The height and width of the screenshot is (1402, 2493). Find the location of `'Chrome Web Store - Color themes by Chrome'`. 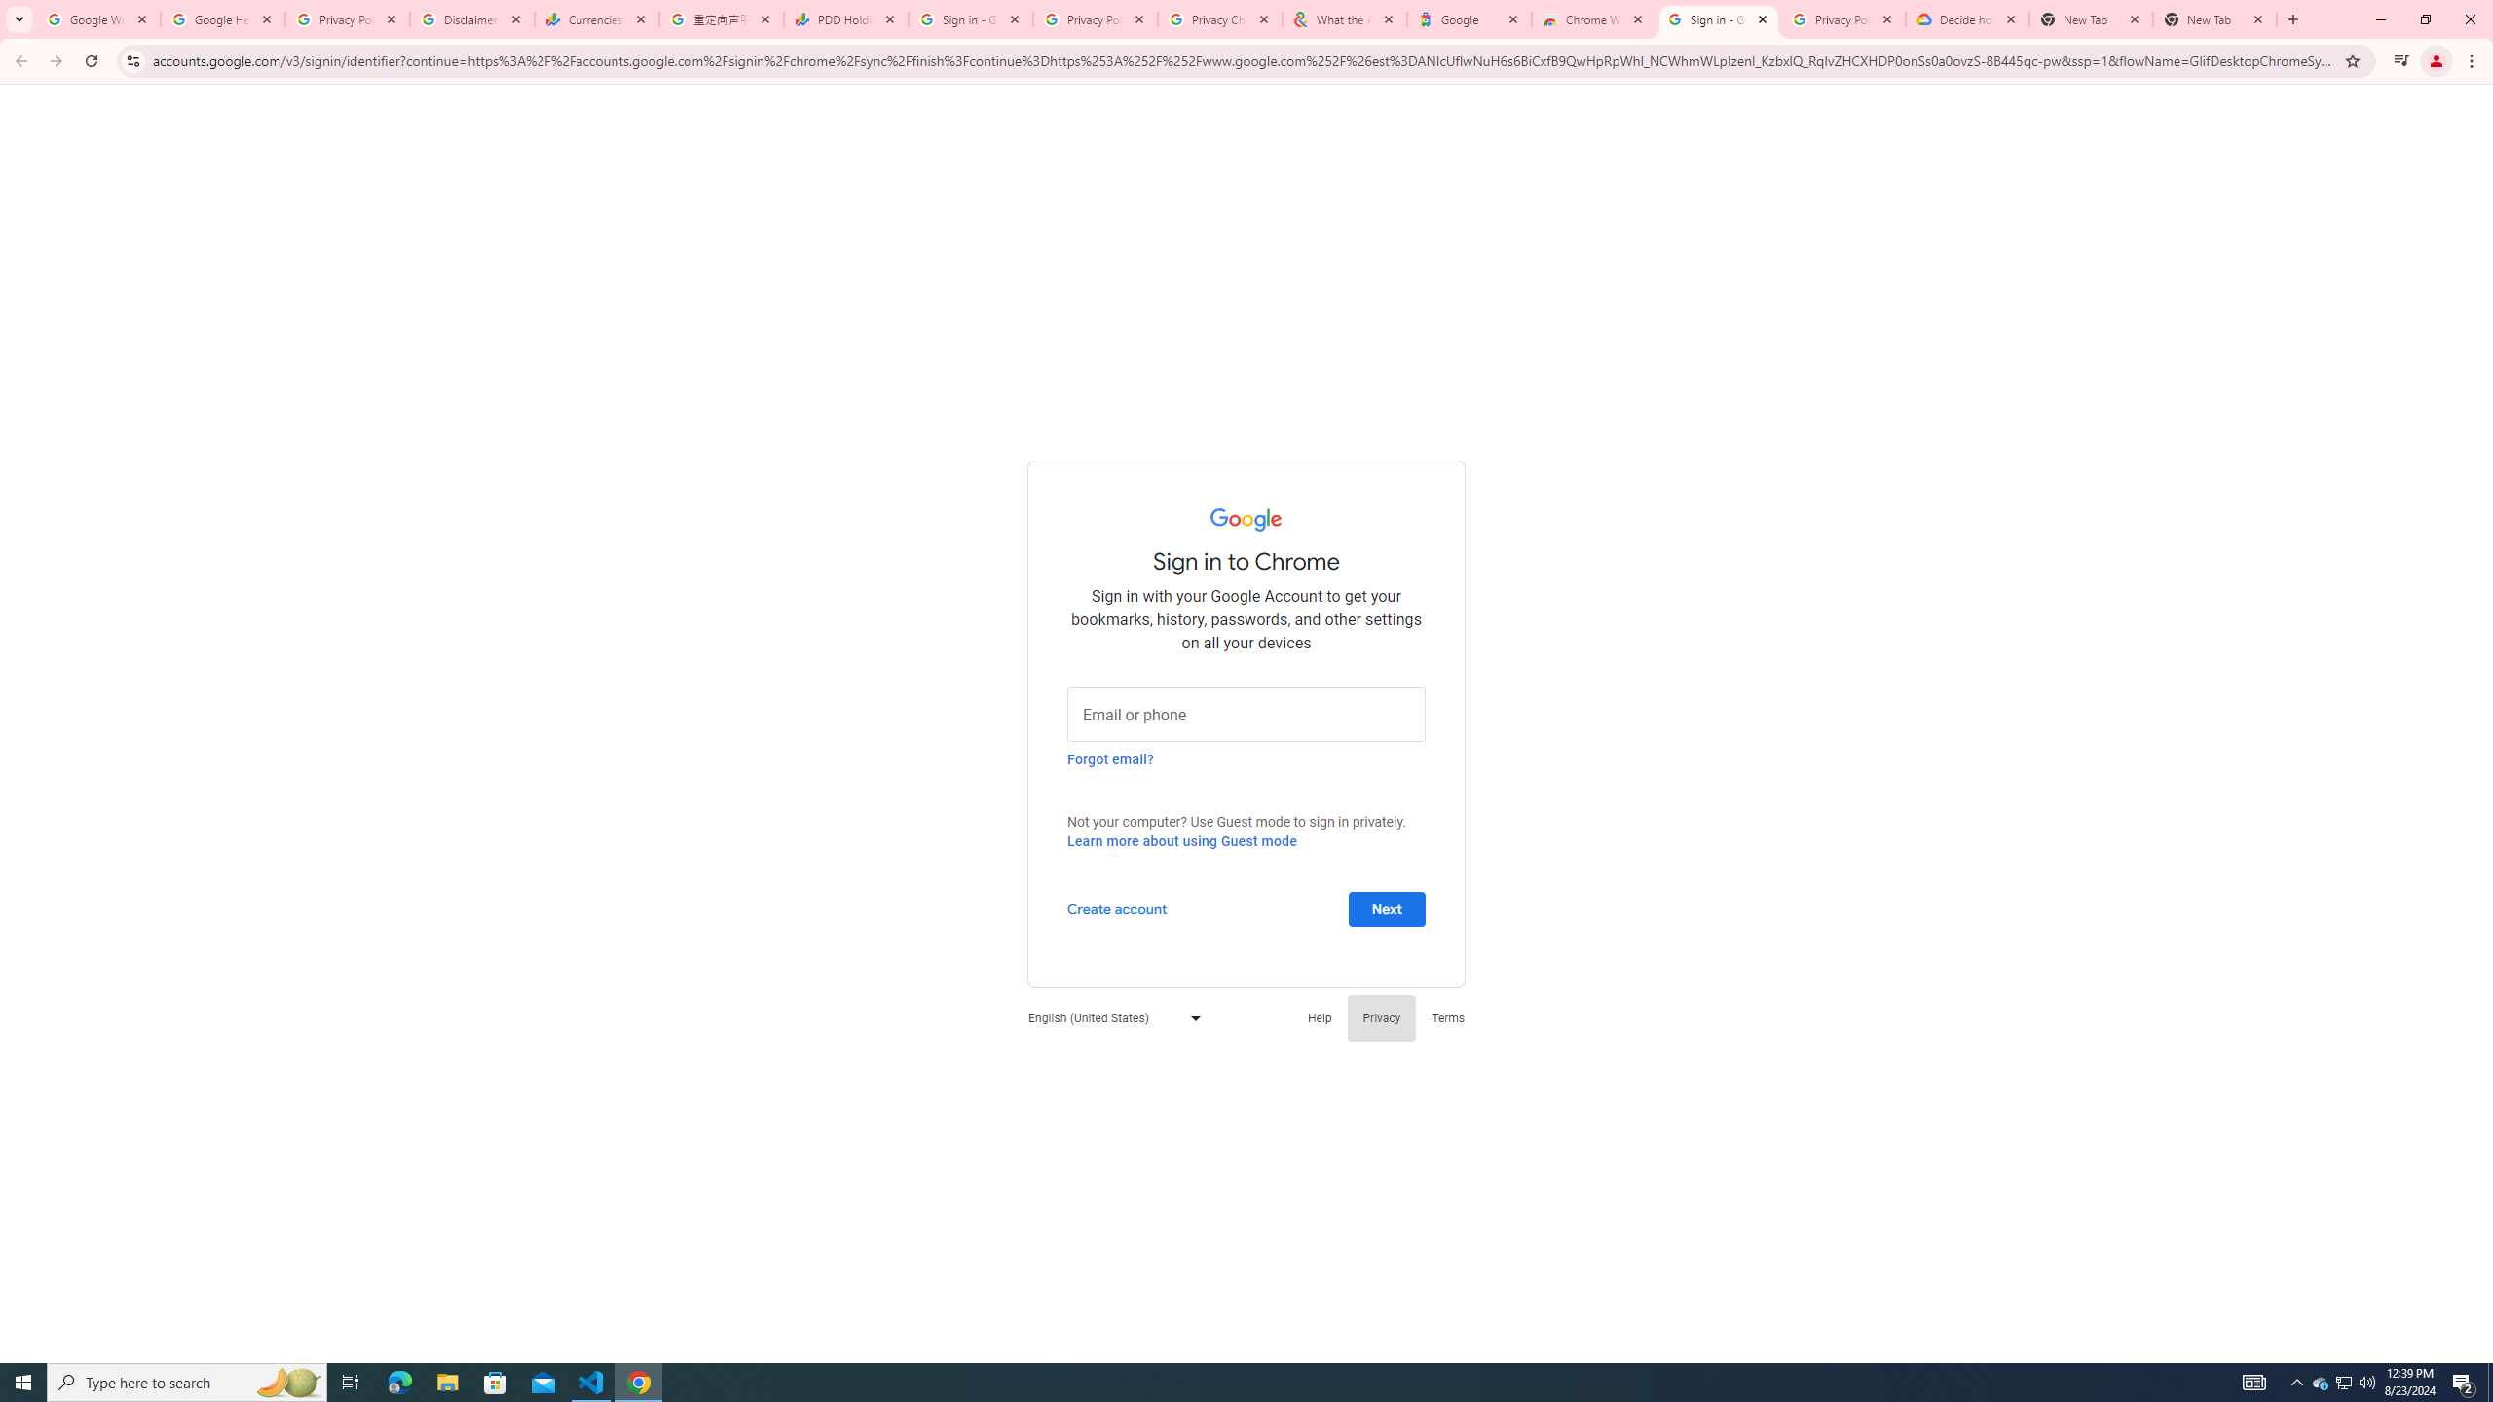

'Chrome Web Store - Color themes by Chrome' is located at coordinates (1593, 18).